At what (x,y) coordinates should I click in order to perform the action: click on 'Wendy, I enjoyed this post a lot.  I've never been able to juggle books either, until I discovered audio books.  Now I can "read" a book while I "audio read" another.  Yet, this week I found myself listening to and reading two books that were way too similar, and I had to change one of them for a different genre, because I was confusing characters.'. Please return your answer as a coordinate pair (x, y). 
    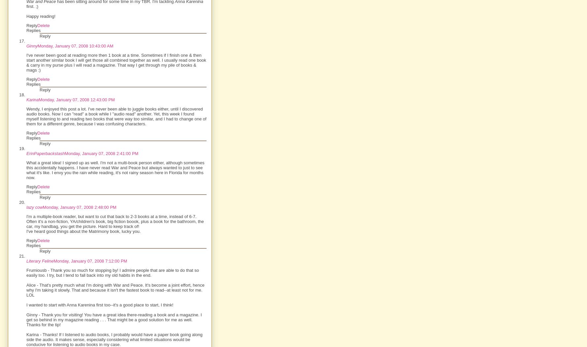
    Looking at the image, I should click on (26, 116).